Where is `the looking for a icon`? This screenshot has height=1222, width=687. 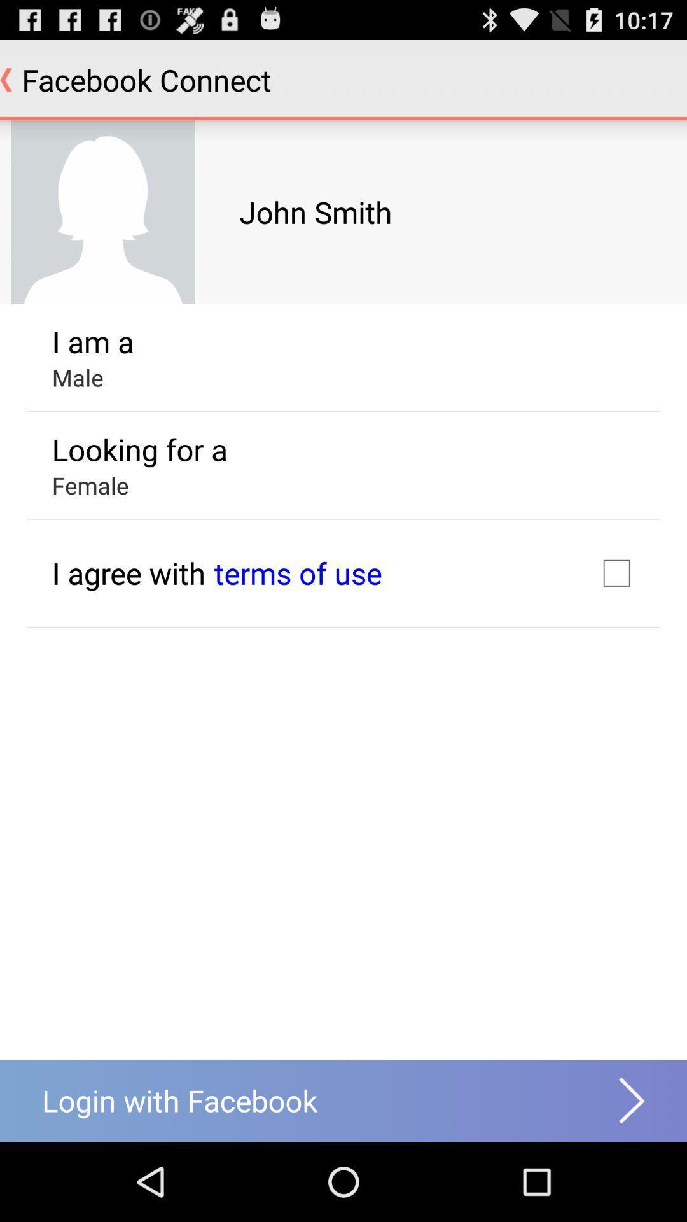
the looking for a icon is located at coordinates (139, 449).